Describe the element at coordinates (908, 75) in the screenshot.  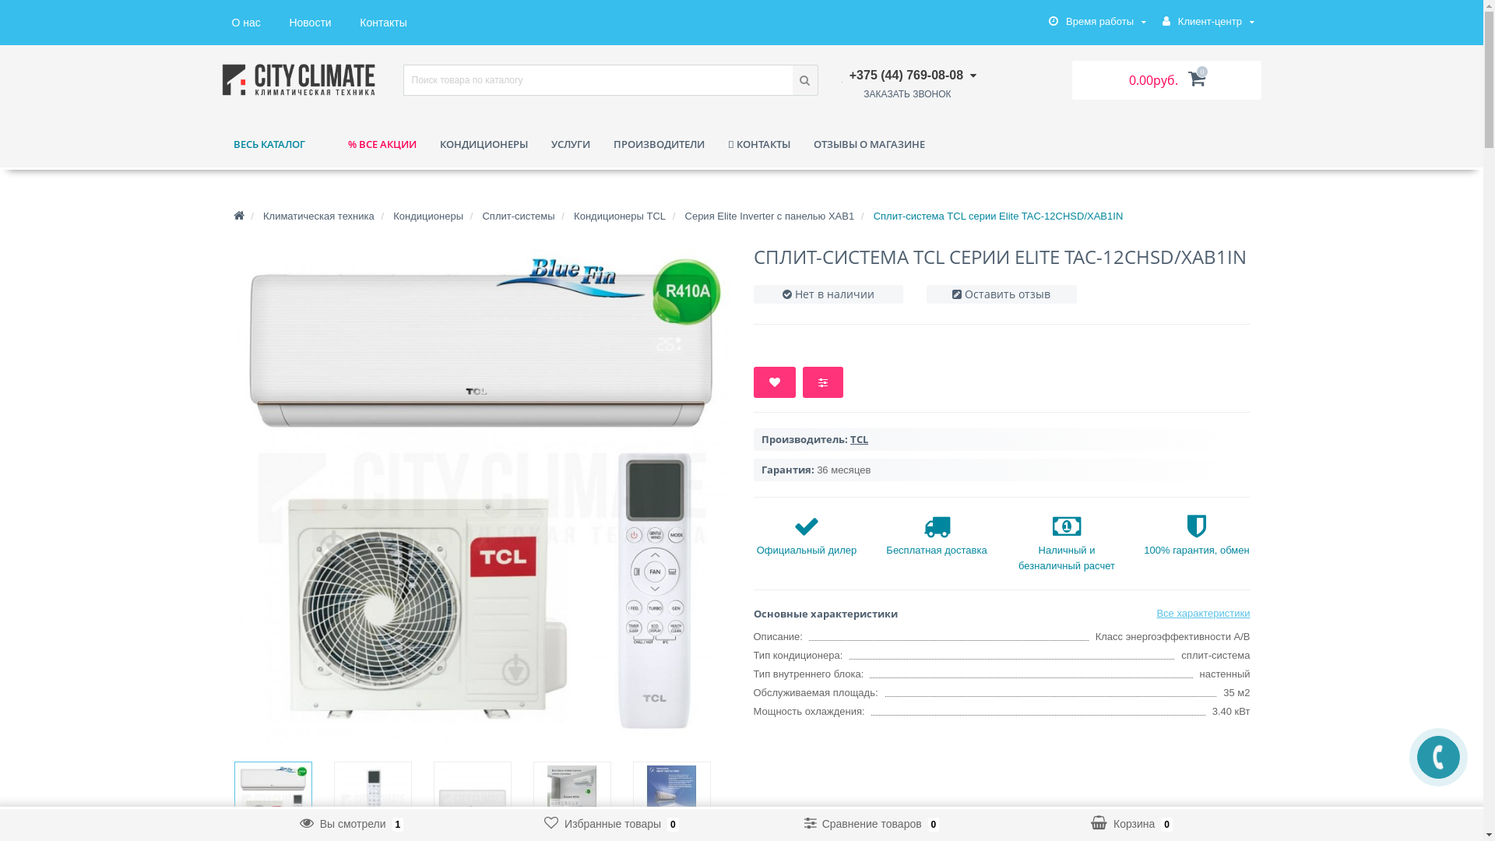
I see `'+375 (44) 769-08-08'` at that location.